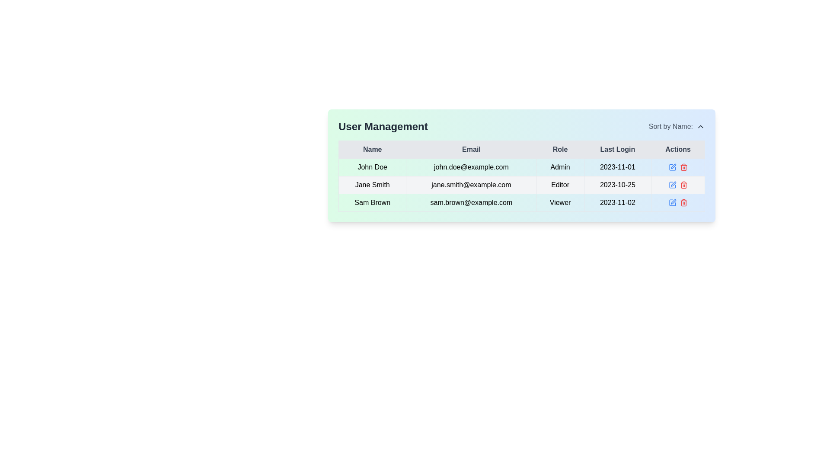 The width and height of the screenshot is (830, 467). Describe the element at coordinates (372, 167) in the screenshot. I see `the static text element containing 'John Doe' in the 'Name' column of the user management table` at that location.